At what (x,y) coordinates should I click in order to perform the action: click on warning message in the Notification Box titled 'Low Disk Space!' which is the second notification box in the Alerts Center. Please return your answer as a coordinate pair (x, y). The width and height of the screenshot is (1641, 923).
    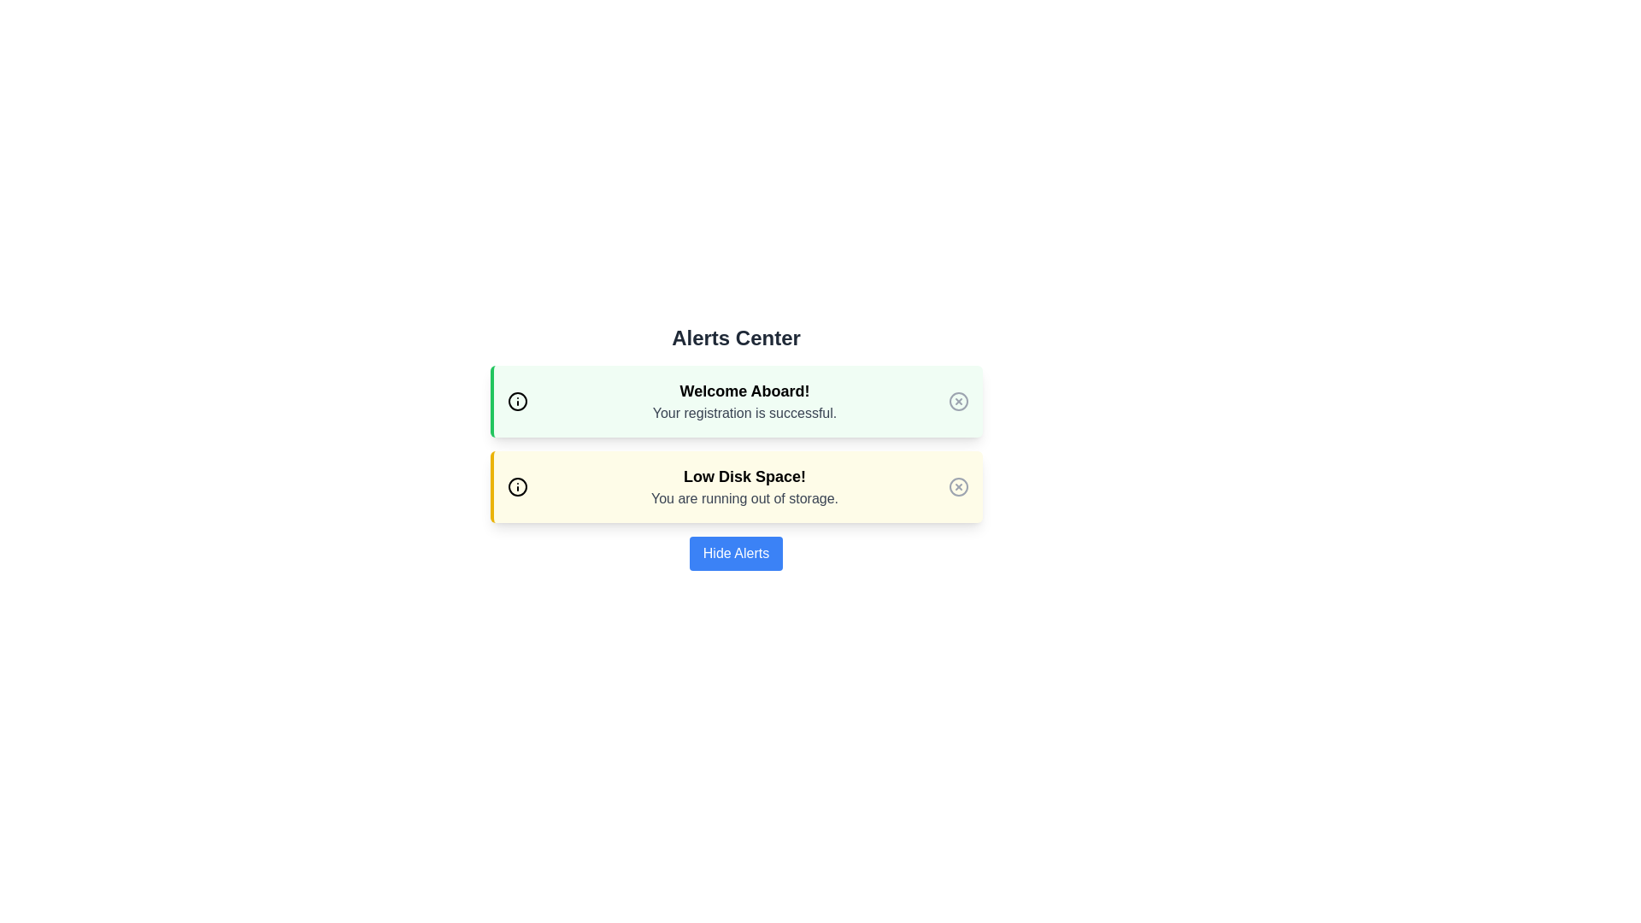
    Looking at the image, I should click on (736, 487).